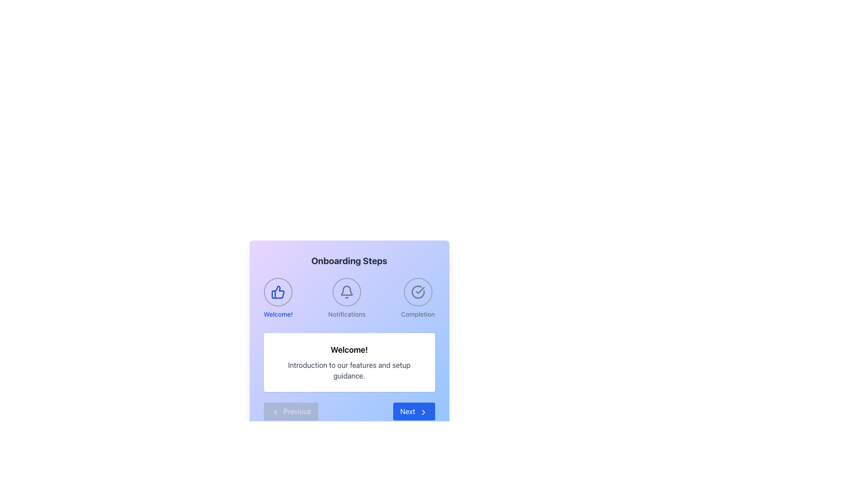  I want to click on the text label that provides context about the 'Completion' step, positioned at the bottom-right corner beneath the checkmark icon, so click(417, 314).